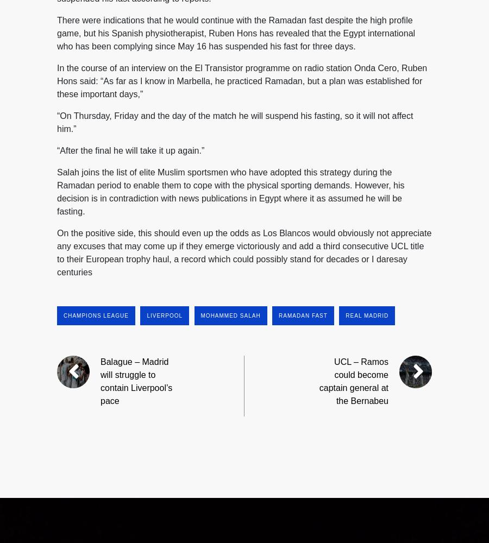  Describe the element at coordinates (130, 150) in the screenshot. I see `'“After the final he will take it up again.”'` at that location.